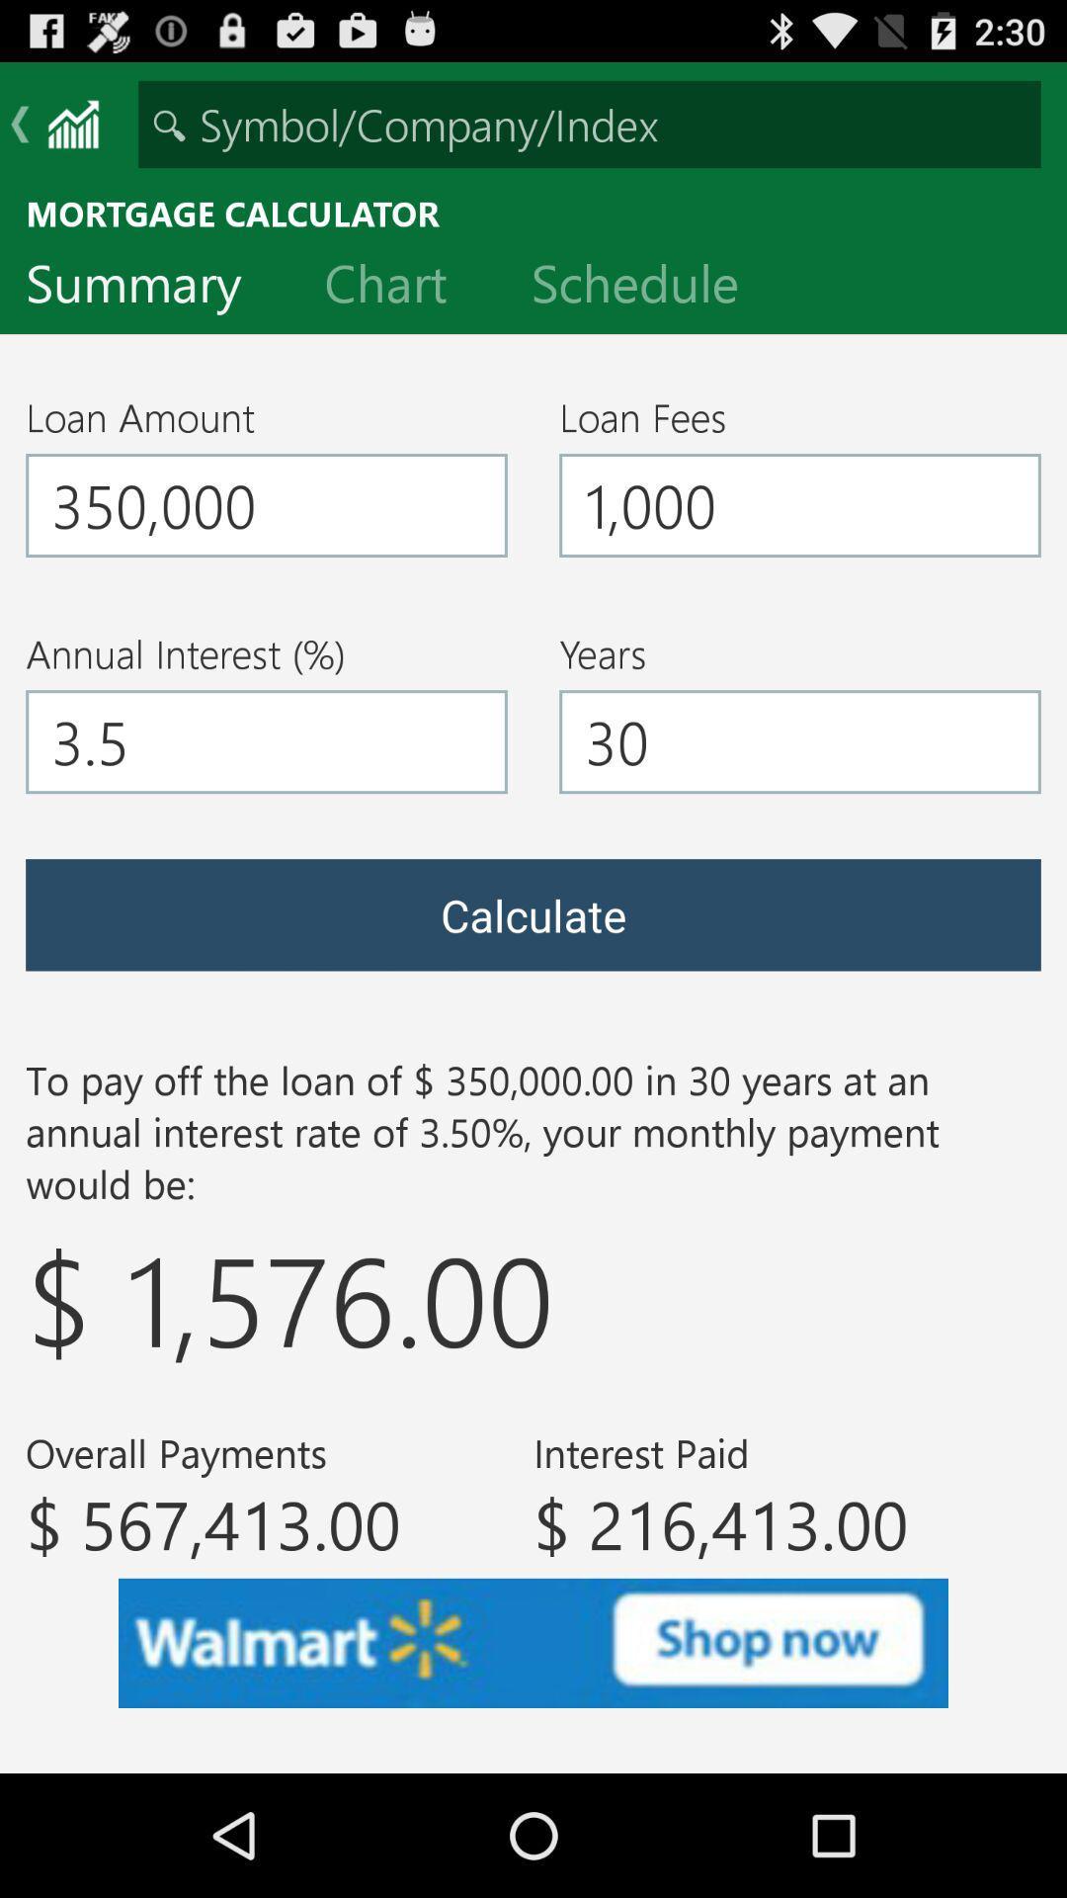  I want to click on item next to the chart, so click(148, 287).